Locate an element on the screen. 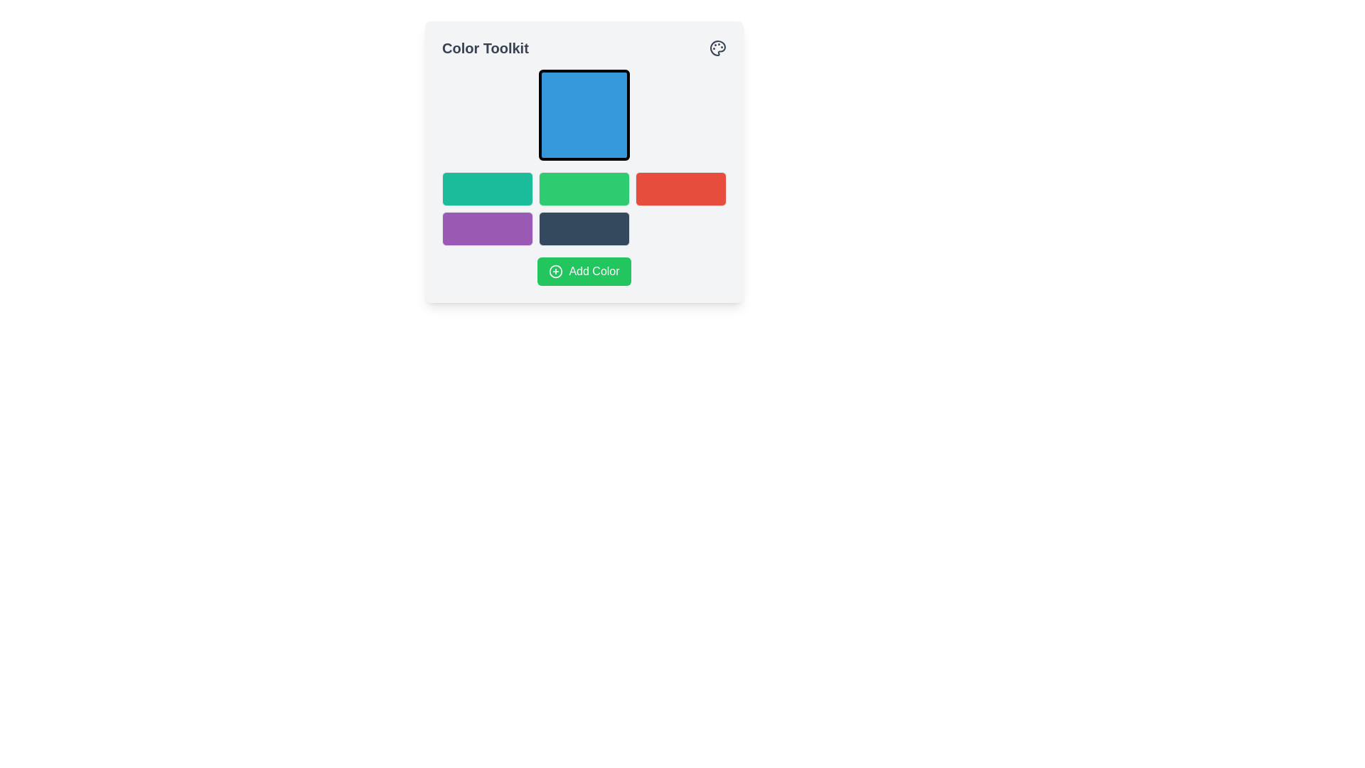 The height and width of the screenshot is (768, 1365). the interactive button located in the second row, center column of a 3x2 grid layout is located at coordinates (584, 228).